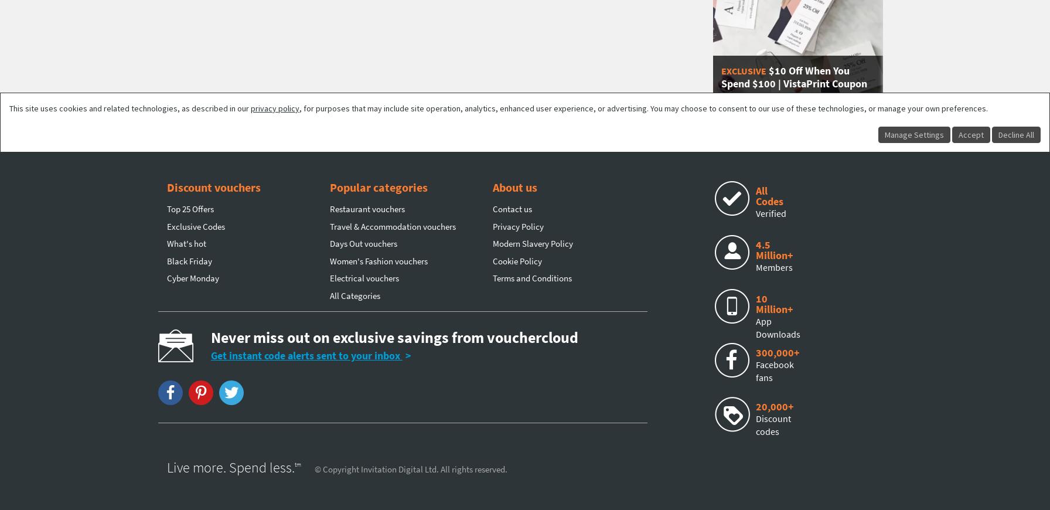  Describe the element at coordinates (449, 76) in the screenshot. I see `'5% Off Discount Code Select Items with DELL Coupon Code'` at that location.